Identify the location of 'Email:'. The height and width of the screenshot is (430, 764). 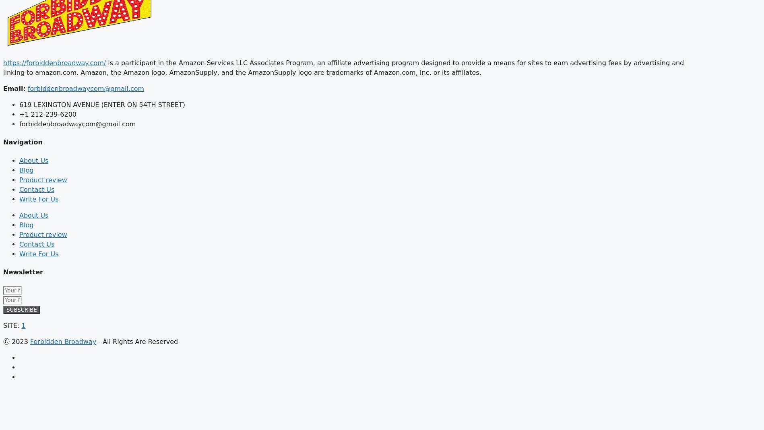
(14, 88).